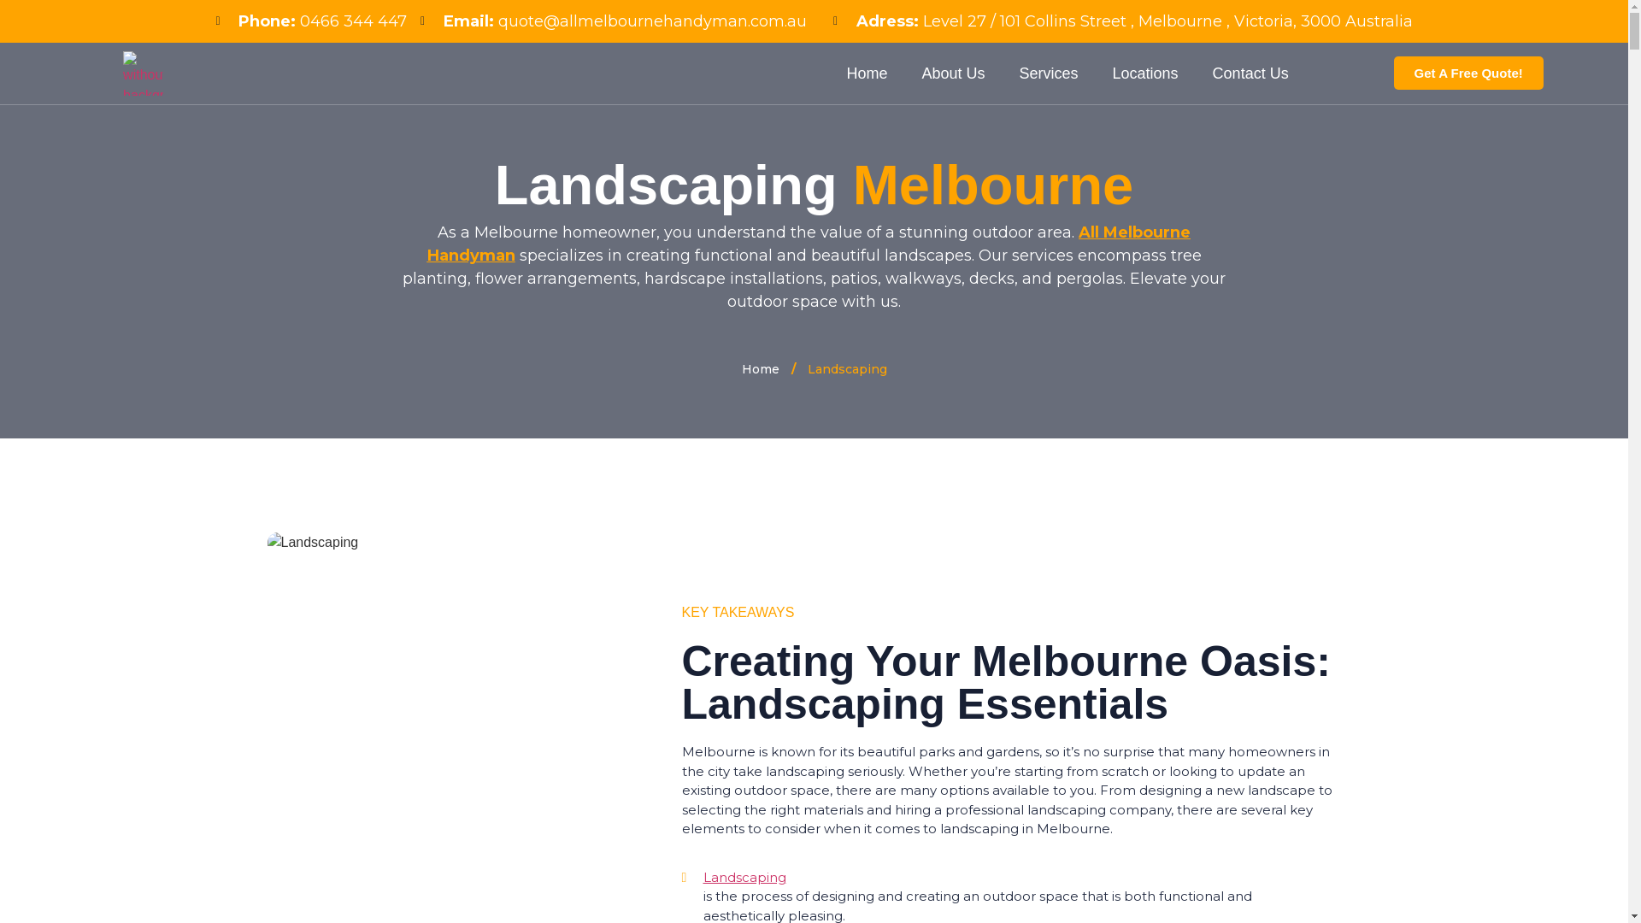  Describe the element at coordinates (1145, 72) in the screenshot. I see `'Locations'` at that location.